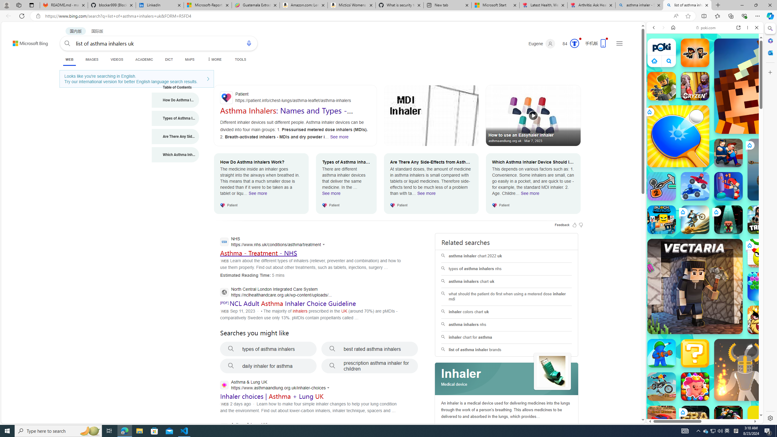  I want to click on 'Stunt Bike Extreme Stunt Bike Extreme', so click(694, 219).